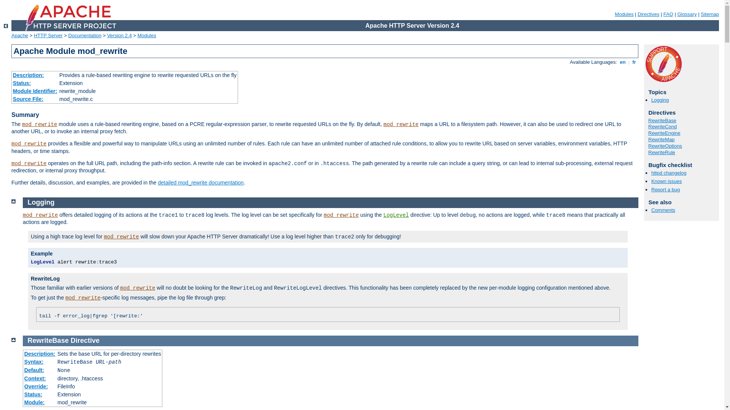 The image size is (730, 410). I want to click on 'LogLevel', so click(395, 215).